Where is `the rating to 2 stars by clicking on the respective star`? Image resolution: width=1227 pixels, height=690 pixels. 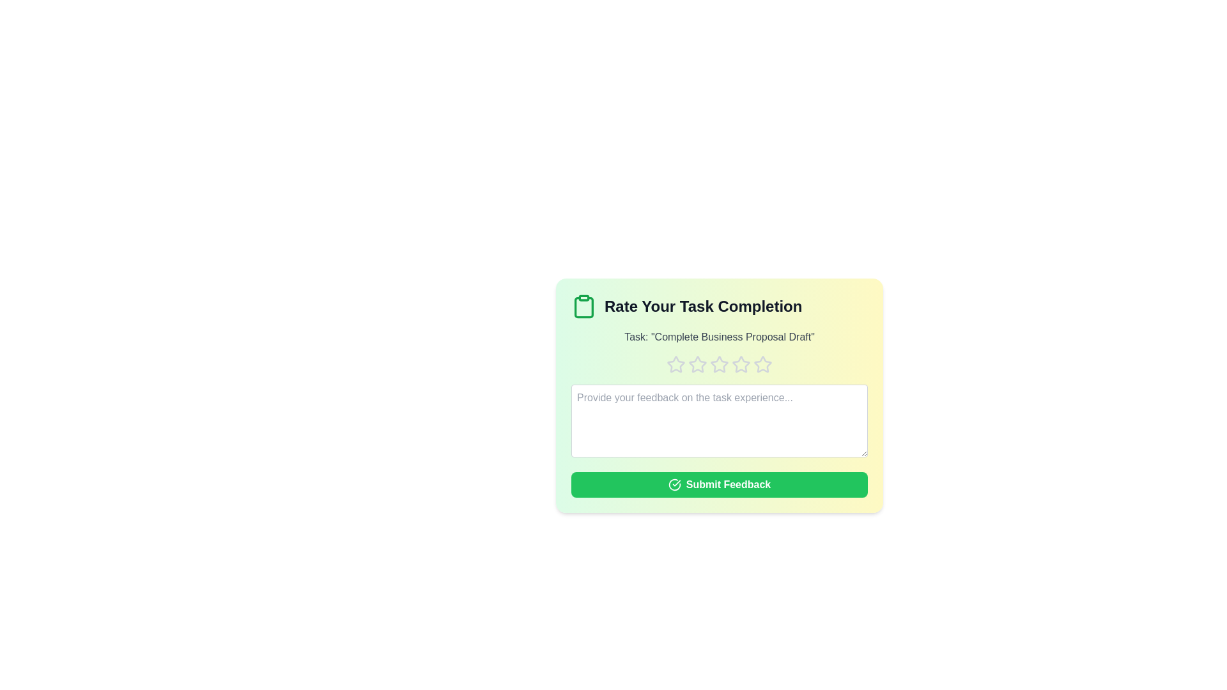 the rating to 2 stars by clicking on the respective star is located at coordinates (697, 364).